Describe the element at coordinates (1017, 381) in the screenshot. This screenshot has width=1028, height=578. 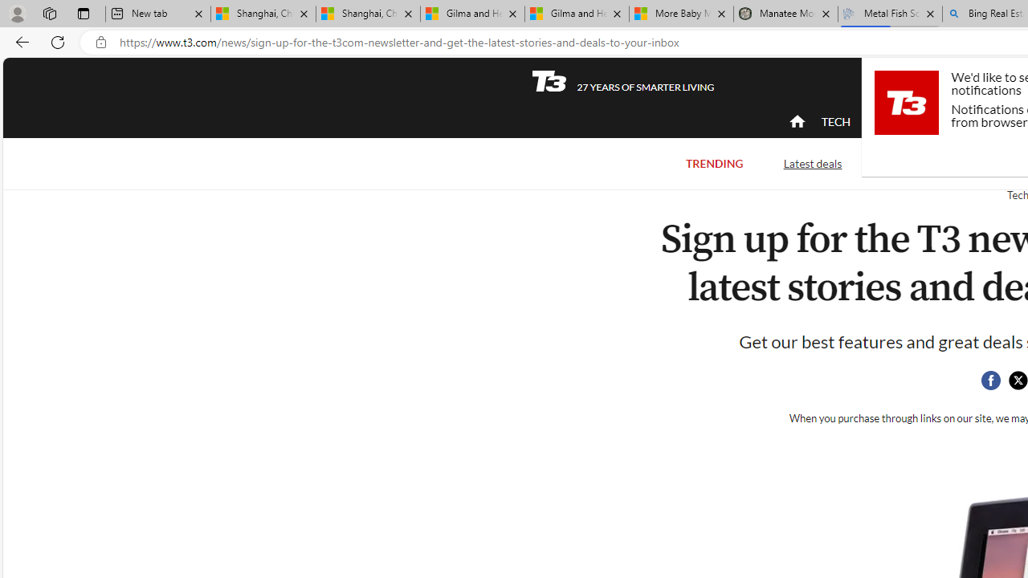
I see `'Share this page on Twitter'` at that location.